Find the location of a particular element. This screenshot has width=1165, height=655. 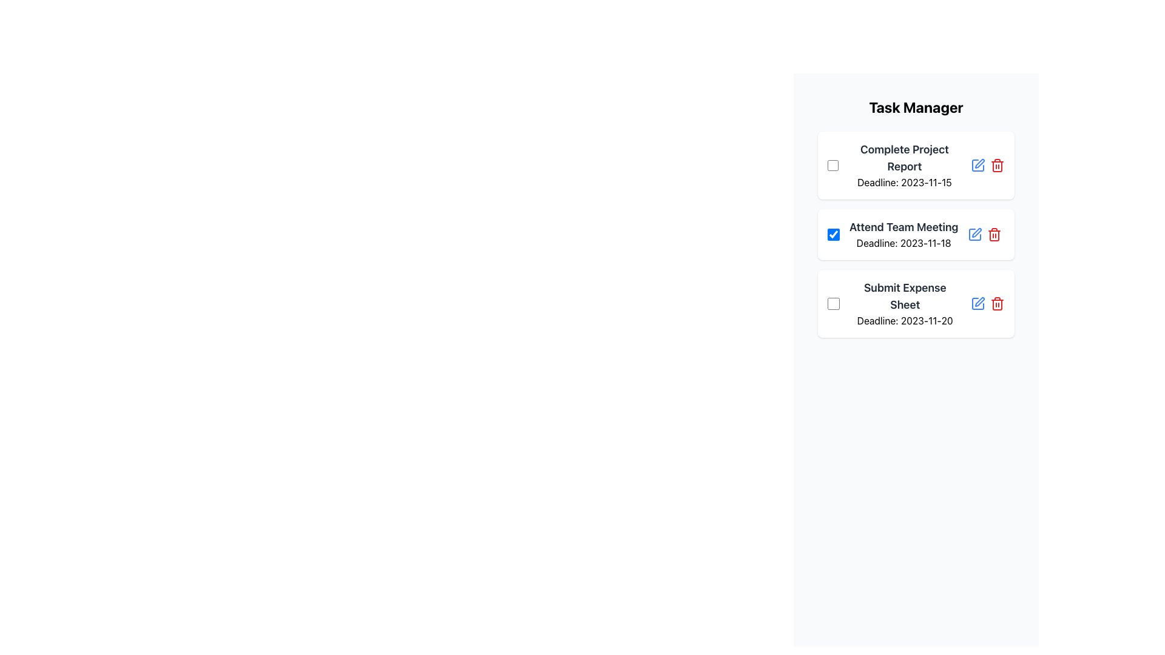

the red trash can icon button that symbolizes delete action, located at the right end of the 'Attend Team Meeting' task card is located at coordinates (994, 234).